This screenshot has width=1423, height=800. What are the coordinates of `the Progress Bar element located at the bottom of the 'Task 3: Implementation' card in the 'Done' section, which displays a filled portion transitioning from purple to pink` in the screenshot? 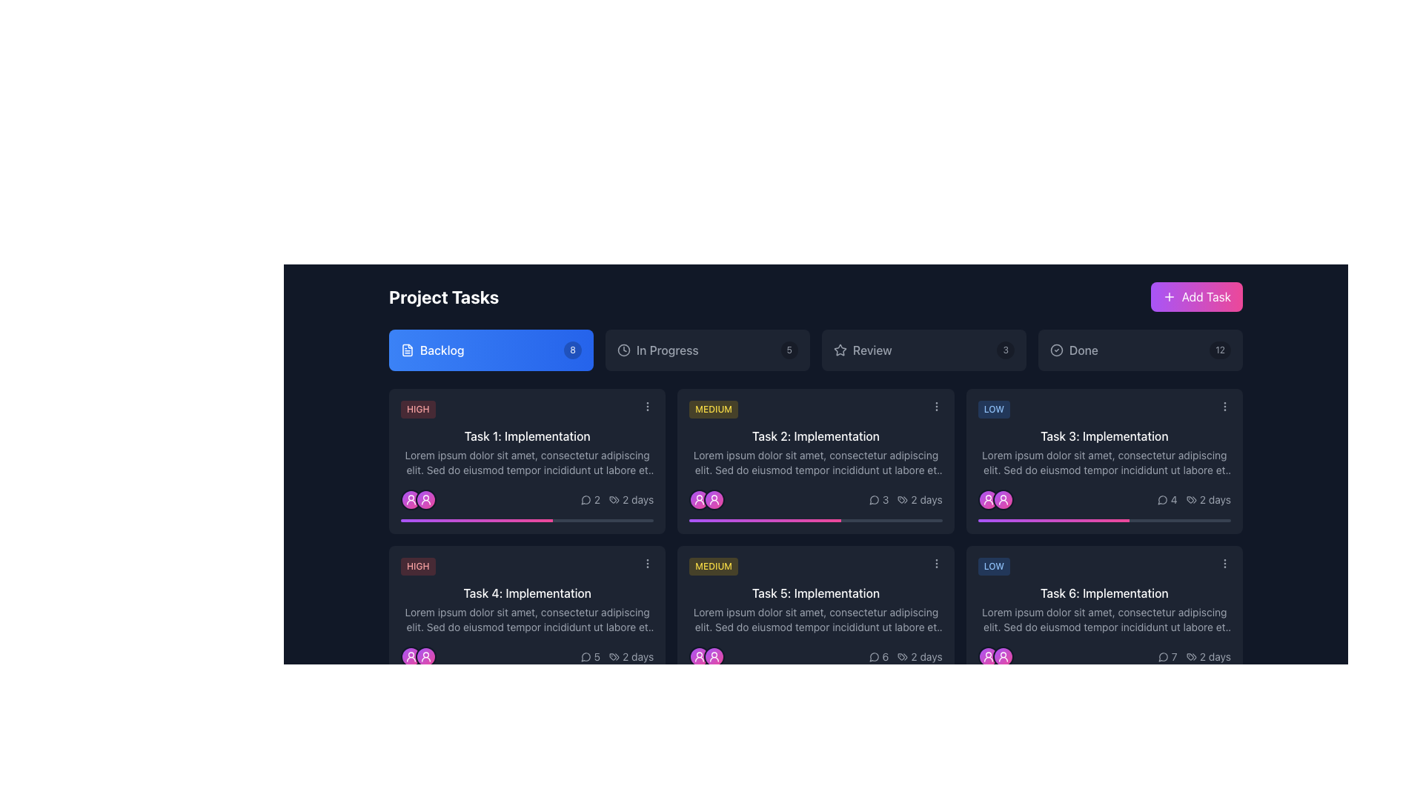 It's located at (1104, 519).